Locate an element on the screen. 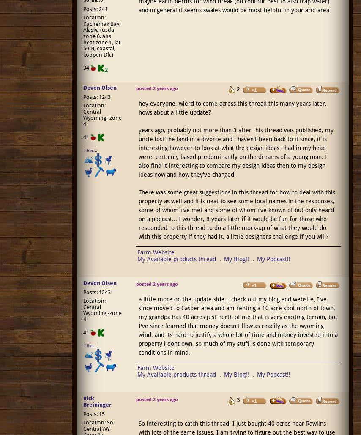 The height and width of the screenshot is (435, 361). 'my stuff' is located at coordinates (237, 342).